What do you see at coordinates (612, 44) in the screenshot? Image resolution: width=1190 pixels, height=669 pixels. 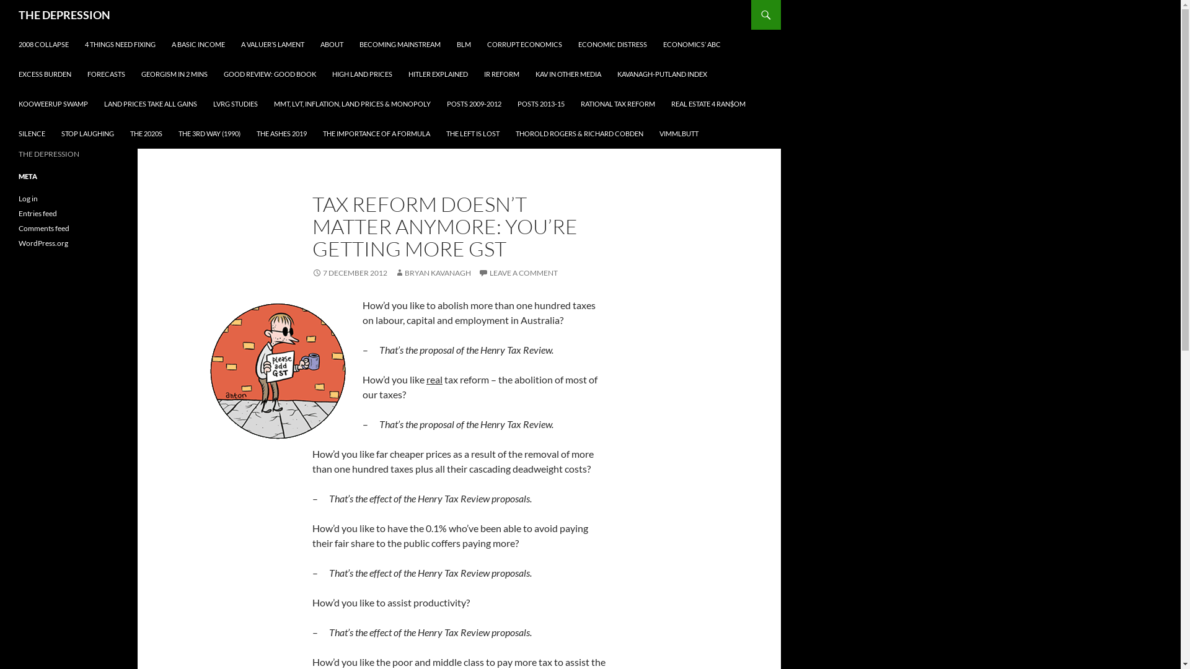 I see `'ECONOMIC DISTRESS'` at bounding box center [612, 44].